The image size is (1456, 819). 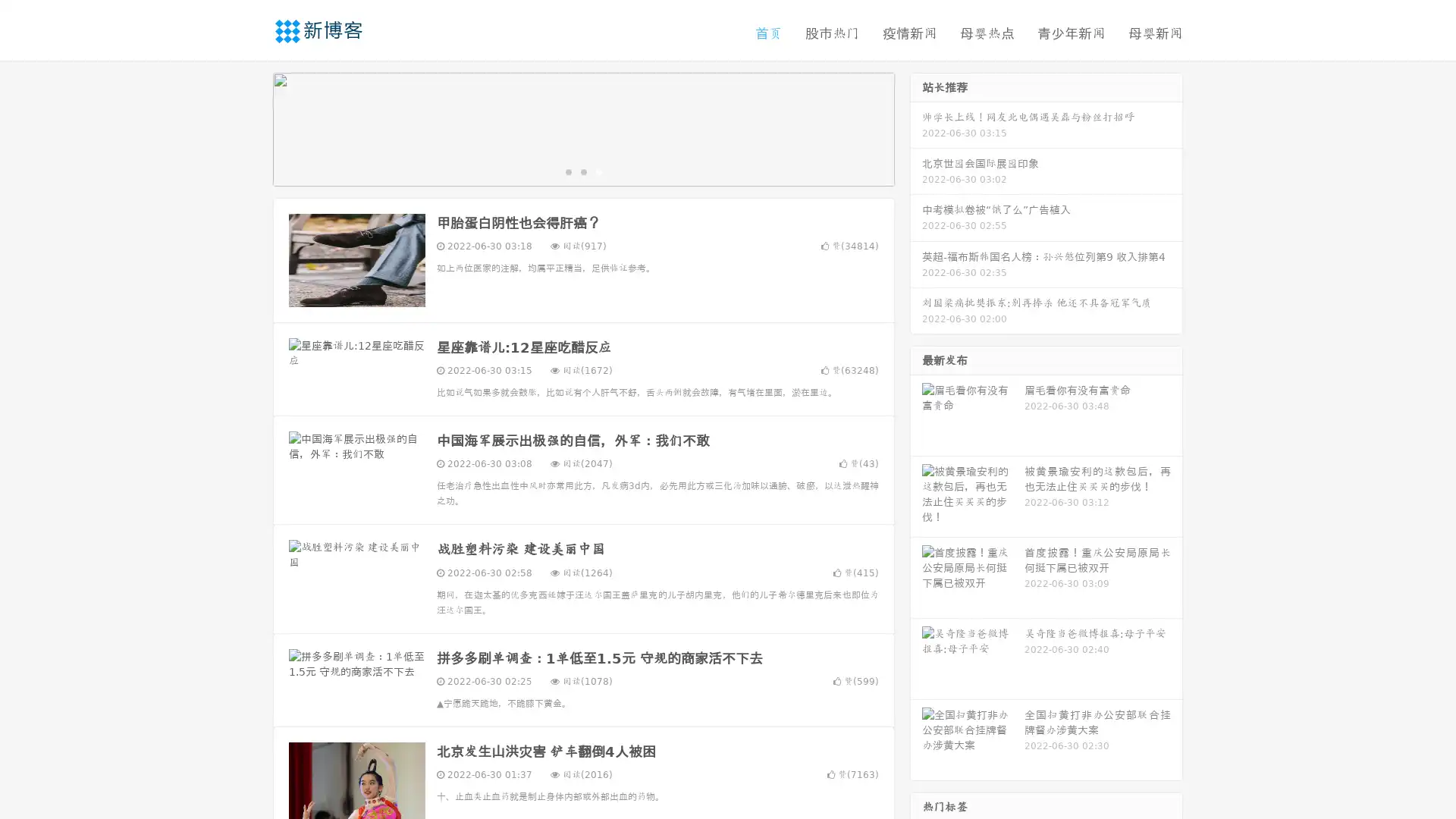 I want to click on Previous slide, so click(x=250, y=127).